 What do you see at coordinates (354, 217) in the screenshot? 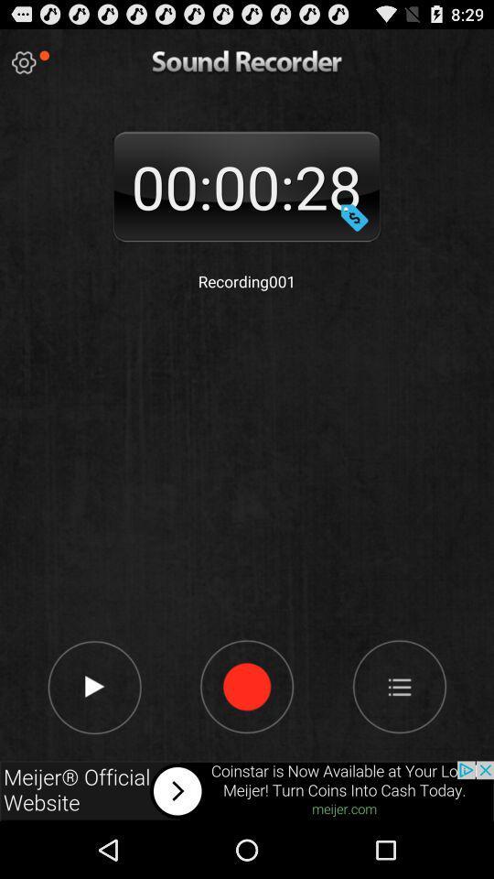
I see `change date and time` at bounding box center [354, 217].